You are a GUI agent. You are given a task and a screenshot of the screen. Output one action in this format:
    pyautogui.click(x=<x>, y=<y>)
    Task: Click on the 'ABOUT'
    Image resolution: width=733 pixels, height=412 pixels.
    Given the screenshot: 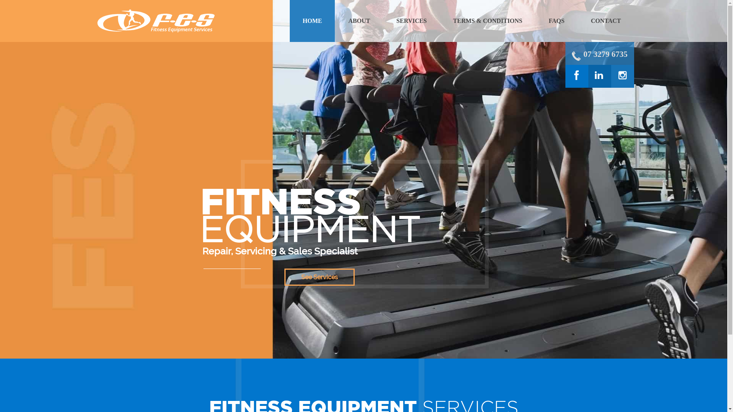 What is the action you would take?
    pyautogui.click(x=358, y=20)
    